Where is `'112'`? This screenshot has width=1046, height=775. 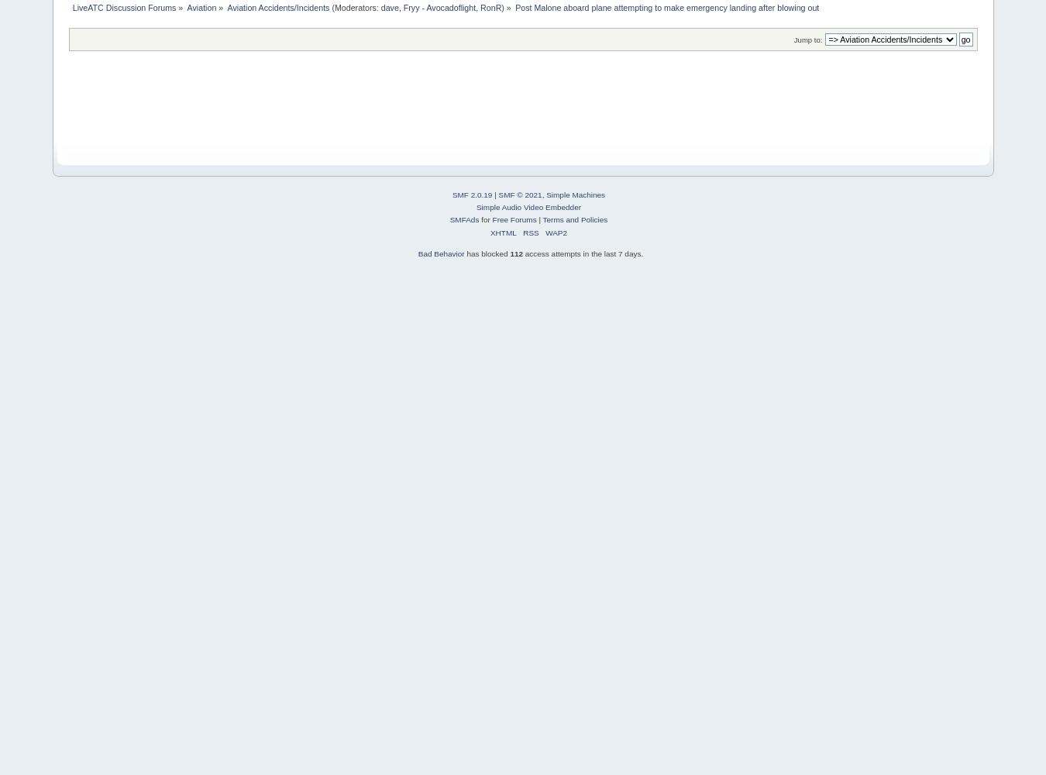 '112' is located at coordinates (516, 252).